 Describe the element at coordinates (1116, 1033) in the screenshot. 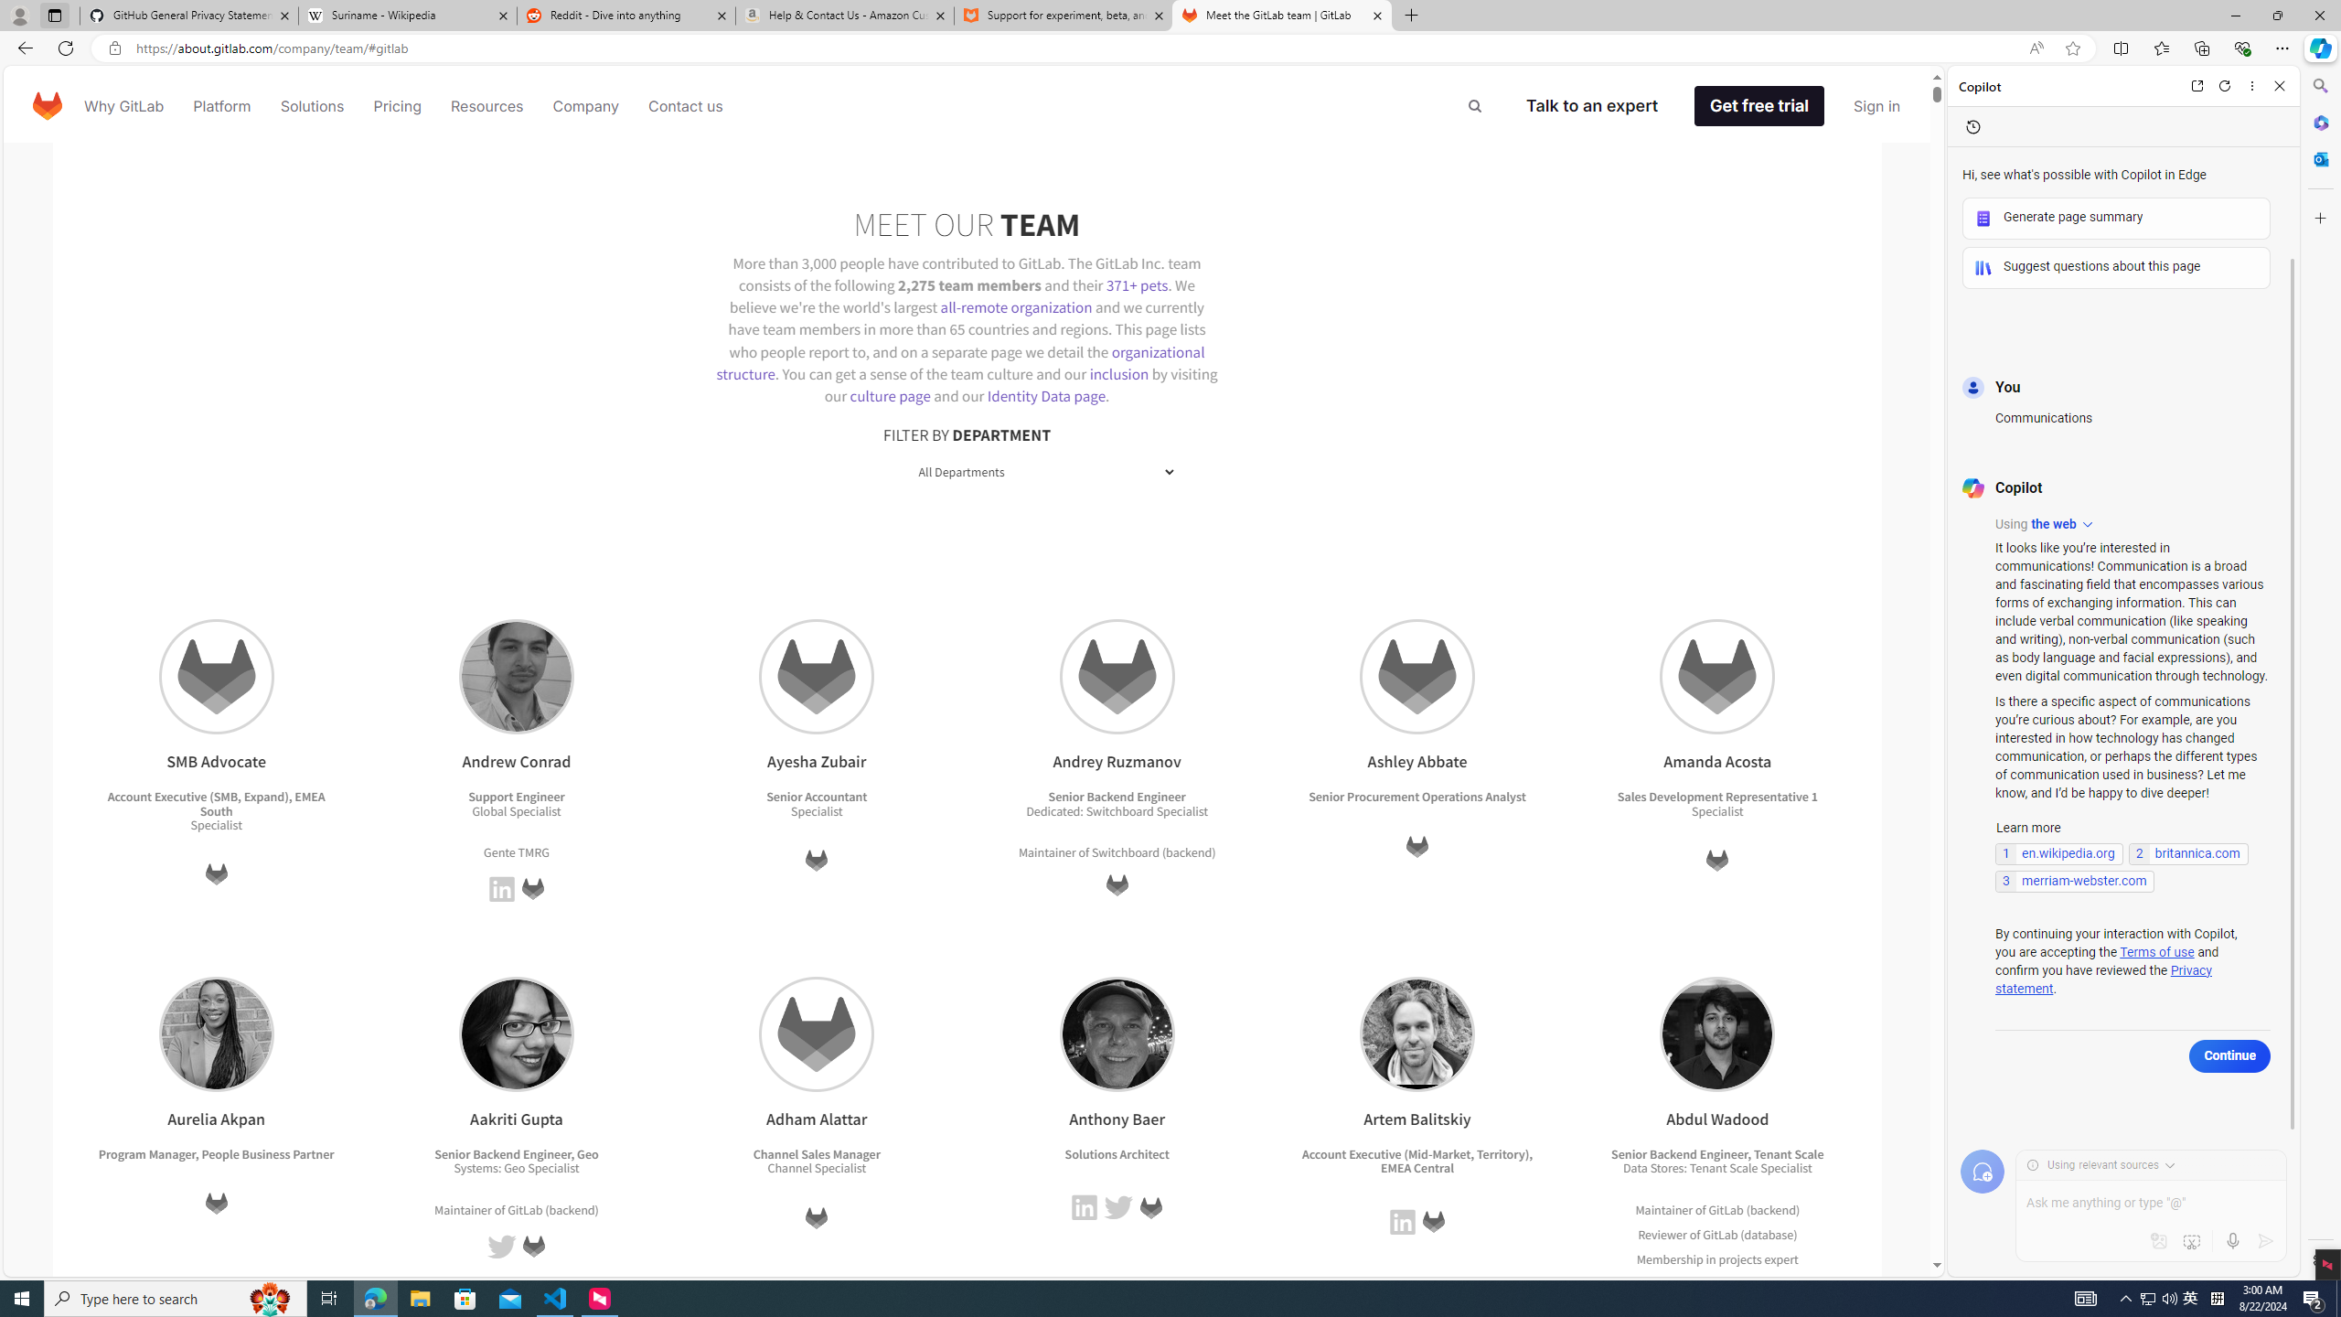

I see `'Anthony Baer'` at that location.